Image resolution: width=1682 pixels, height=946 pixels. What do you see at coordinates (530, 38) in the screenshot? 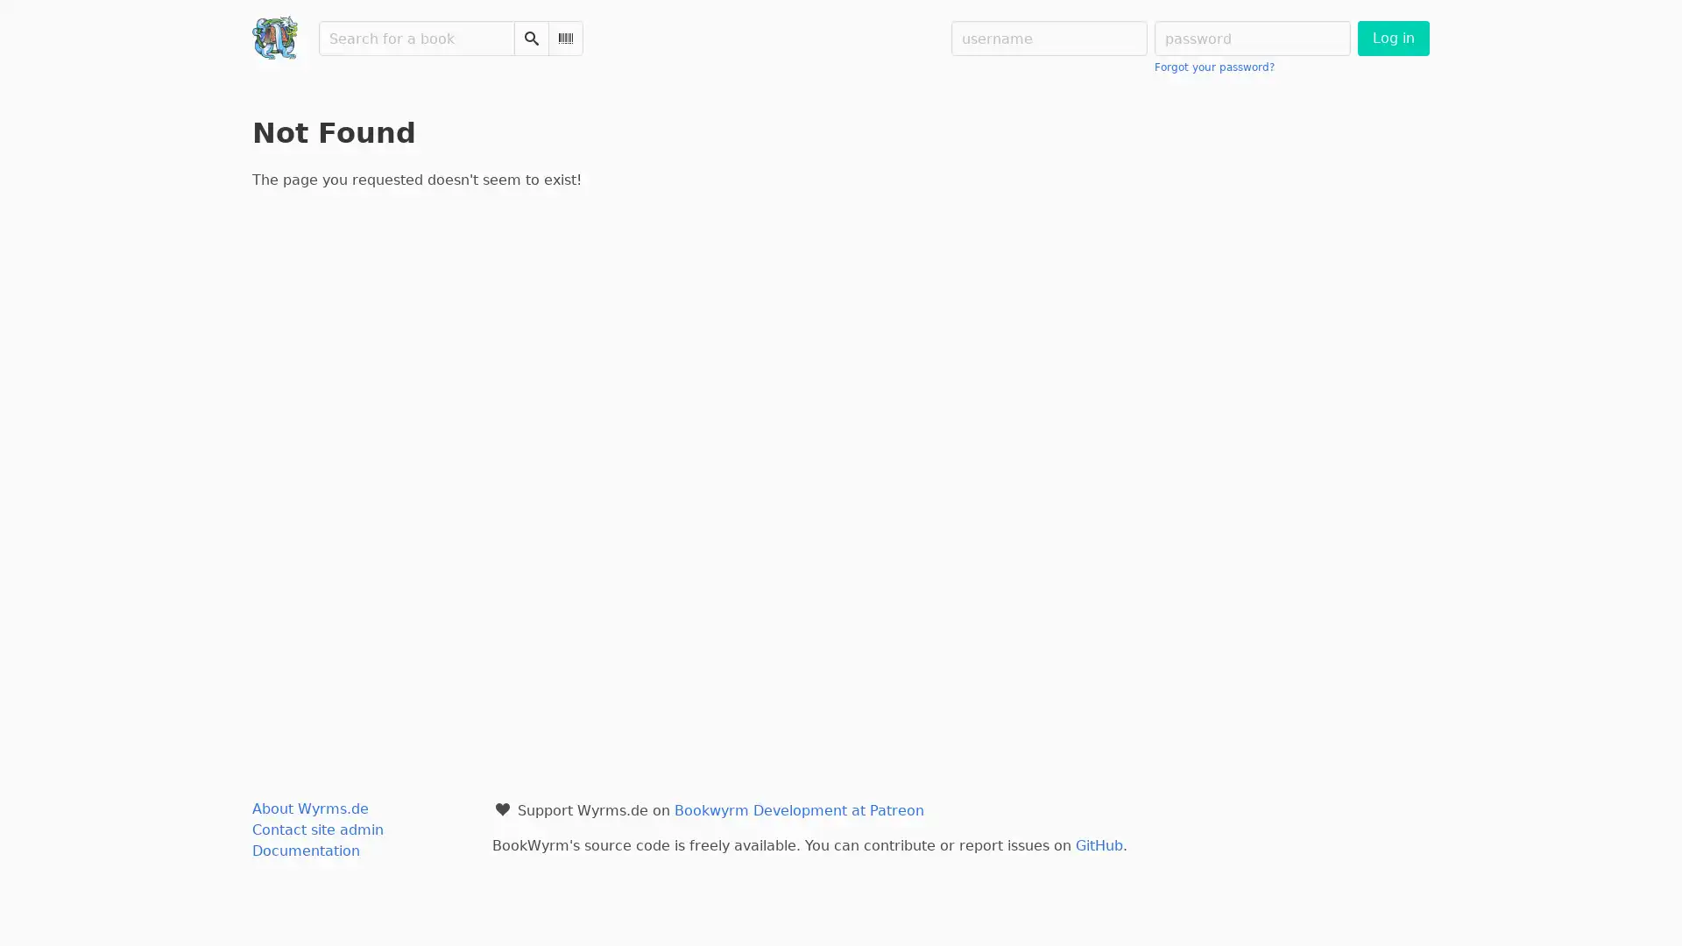
I see `Search` at bounding box center [530, 38].